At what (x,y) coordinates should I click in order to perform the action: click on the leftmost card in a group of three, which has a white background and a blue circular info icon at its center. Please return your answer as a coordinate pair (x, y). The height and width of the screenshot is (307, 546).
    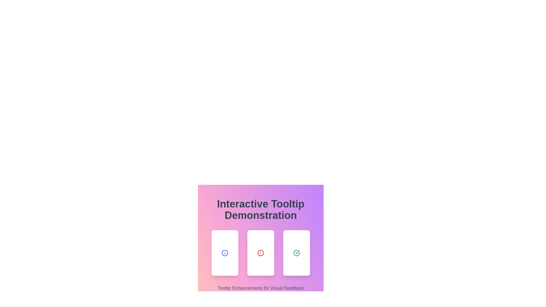
    Looking at the image, I should click on (225, 253).